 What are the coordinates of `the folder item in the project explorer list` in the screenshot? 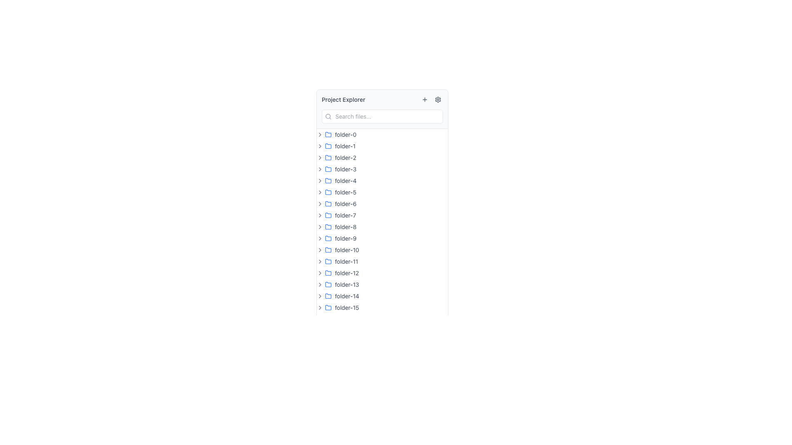 It's located at (382, 295).